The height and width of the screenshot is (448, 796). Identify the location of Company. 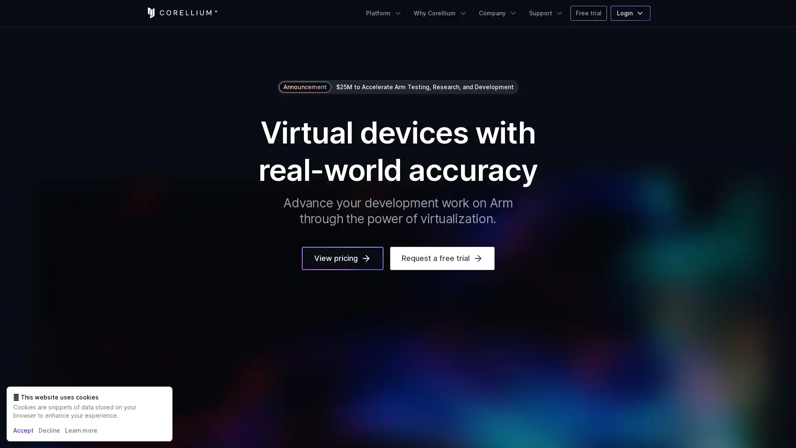
(498, 13).